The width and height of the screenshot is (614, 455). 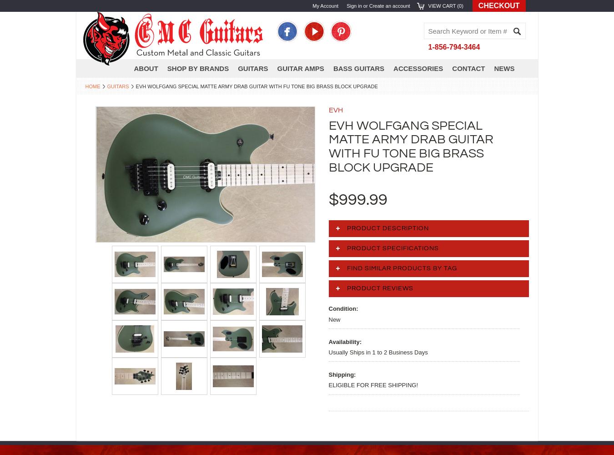 I want to click on '1-856-794-3464', so click(x=453, y=46).